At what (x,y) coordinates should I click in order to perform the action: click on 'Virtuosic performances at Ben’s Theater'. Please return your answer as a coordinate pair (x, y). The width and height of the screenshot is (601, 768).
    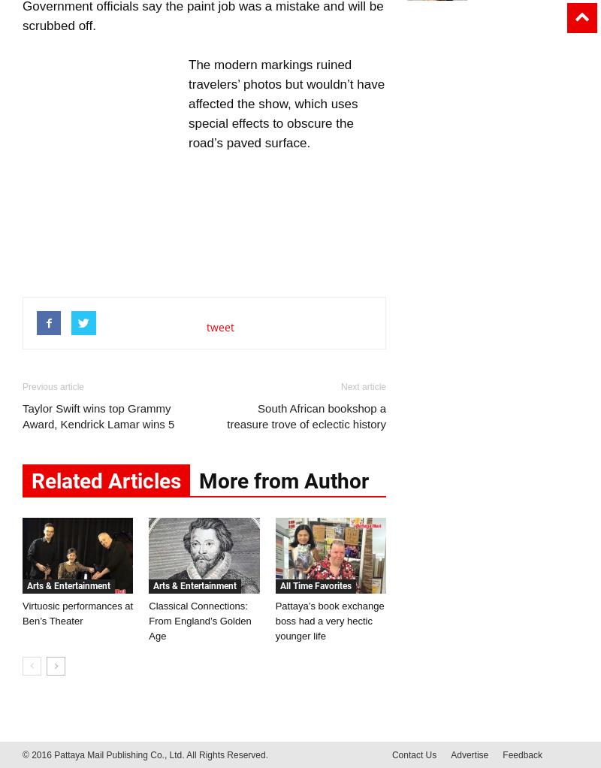
    Looking at the image, I should click on (77, 612).